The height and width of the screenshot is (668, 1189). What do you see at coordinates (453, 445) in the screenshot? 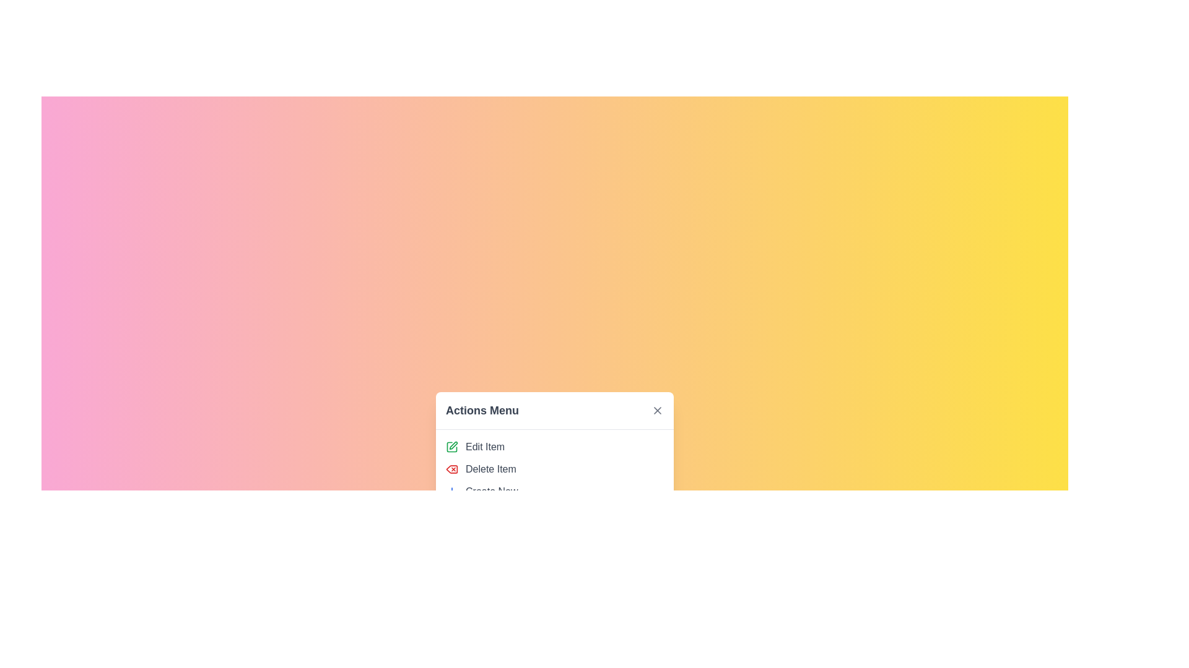
I see `the edit icon in the 'Actions Menu' that signifies the edit functionality for the associated list item, located at the top of the menu underneath the title 'Actions Menu'` at bounding box center [453, 445].